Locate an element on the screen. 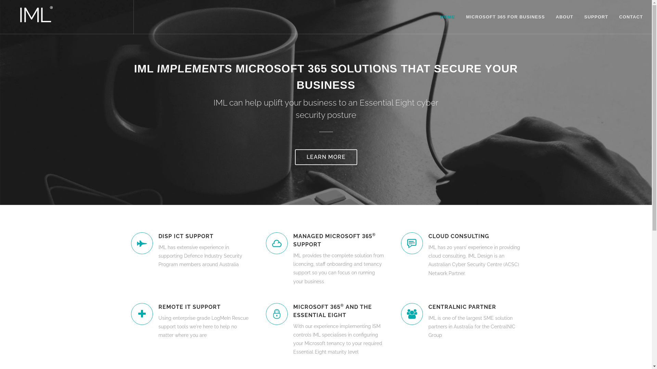  'DISP ICT SUPPORT' is located at coordinates (204, 236).